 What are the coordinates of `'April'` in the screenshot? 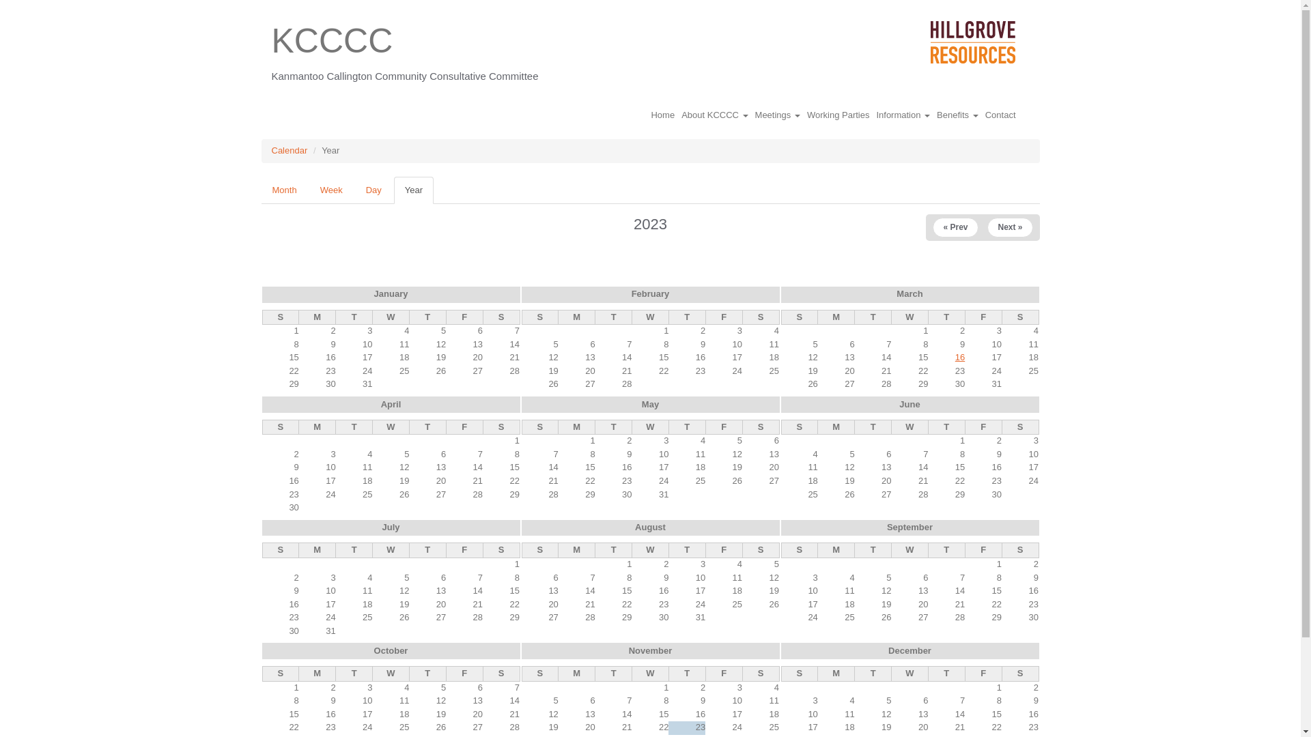 It's located at (390, 403).